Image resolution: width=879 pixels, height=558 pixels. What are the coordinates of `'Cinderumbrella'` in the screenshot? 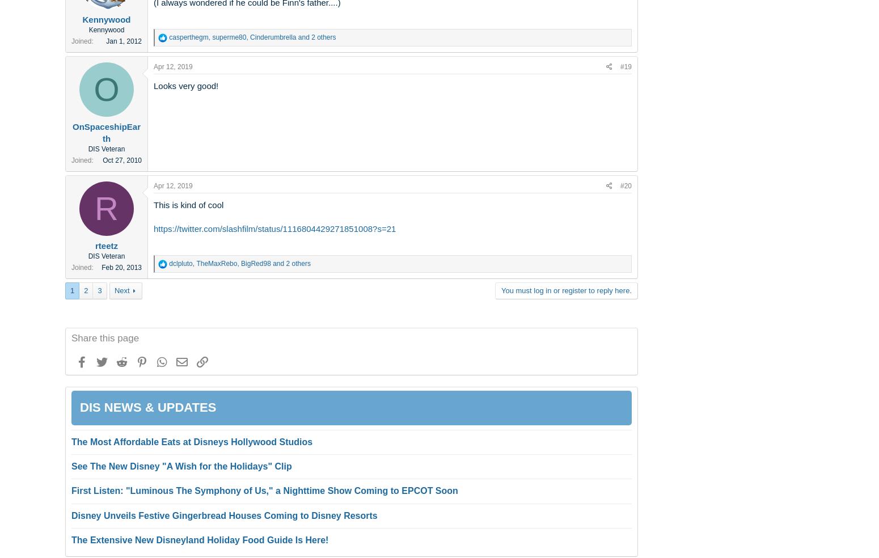 It's located at (250, 36).